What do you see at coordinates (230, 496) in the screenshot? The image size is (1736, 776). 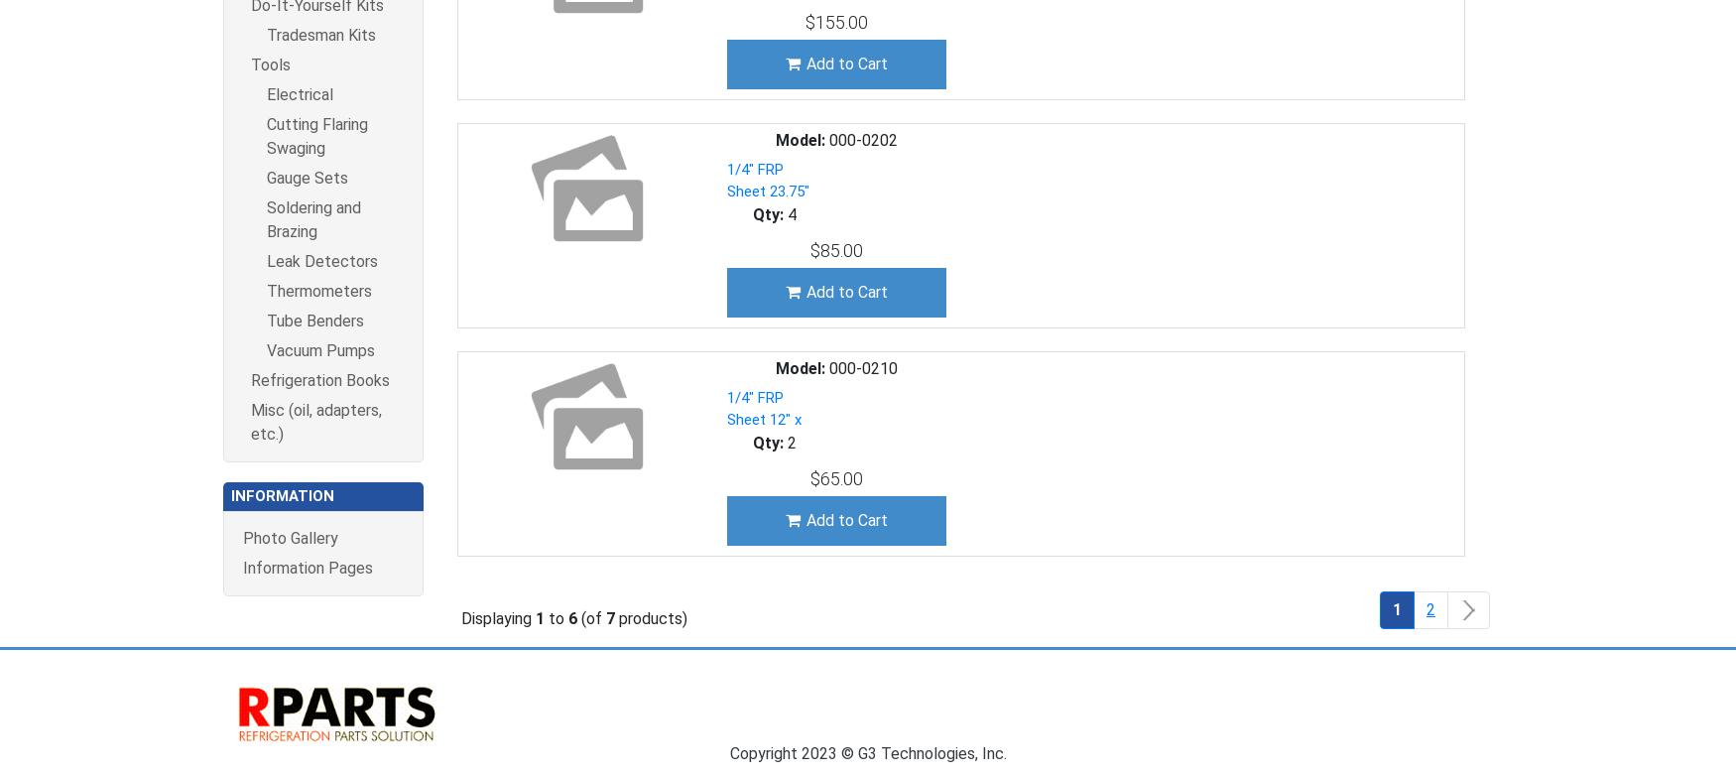 I see `'Information'` at bounding box center [230, 496].